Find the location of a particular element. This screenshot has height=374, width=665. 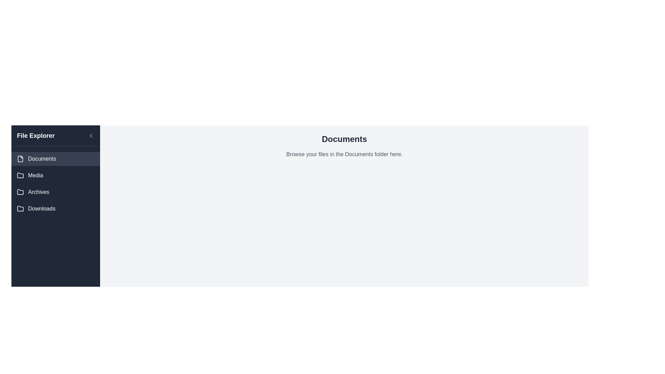

the folder icon in the left-side navigation menu is located at coordinates (20, 192).